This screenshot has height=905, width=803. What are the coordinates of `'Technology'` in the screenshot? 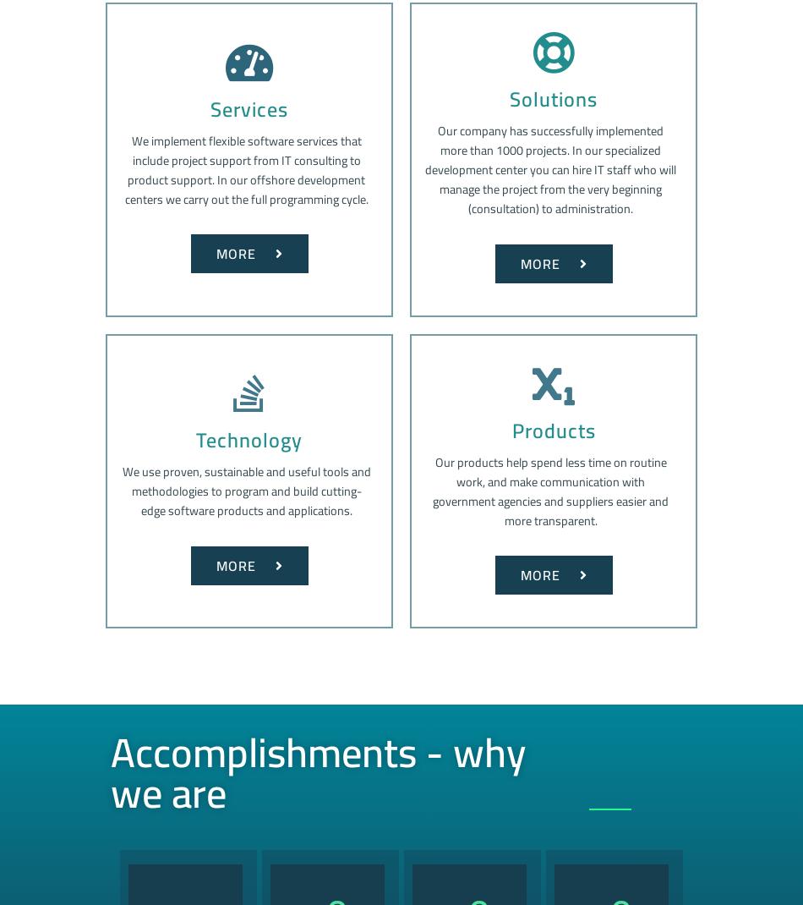 It's located at (248, 440).